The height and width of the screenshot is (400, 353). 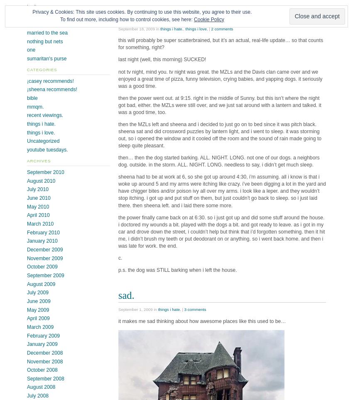 I want to click on 'December 2009', so click(x=44, y=249).